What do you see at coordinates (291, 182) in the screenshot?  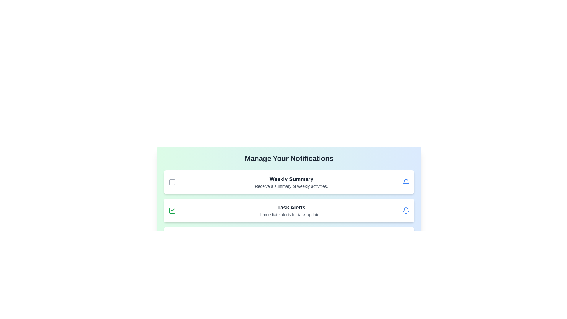 I see `the informational text block that provides a title and description for the notification feature, located to the right of the checkbox and to the left of the bell icon` at bounding box center [291, 182].